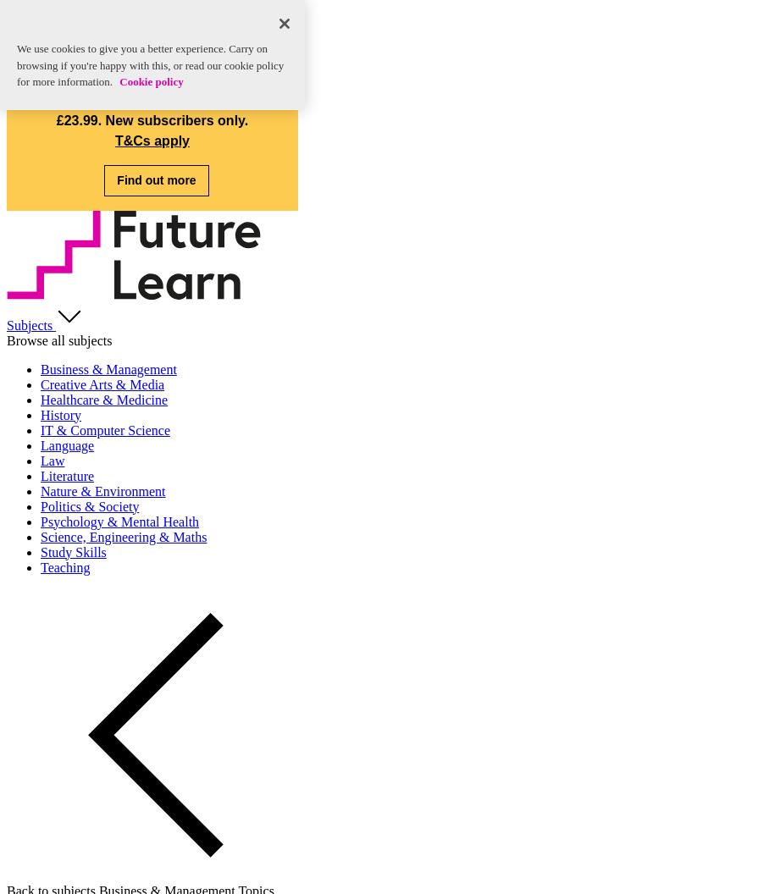 The image size is (769, 894). Describe the element at coordinates (66, 475) in the screenshot. I see `'Literature'` at that location.